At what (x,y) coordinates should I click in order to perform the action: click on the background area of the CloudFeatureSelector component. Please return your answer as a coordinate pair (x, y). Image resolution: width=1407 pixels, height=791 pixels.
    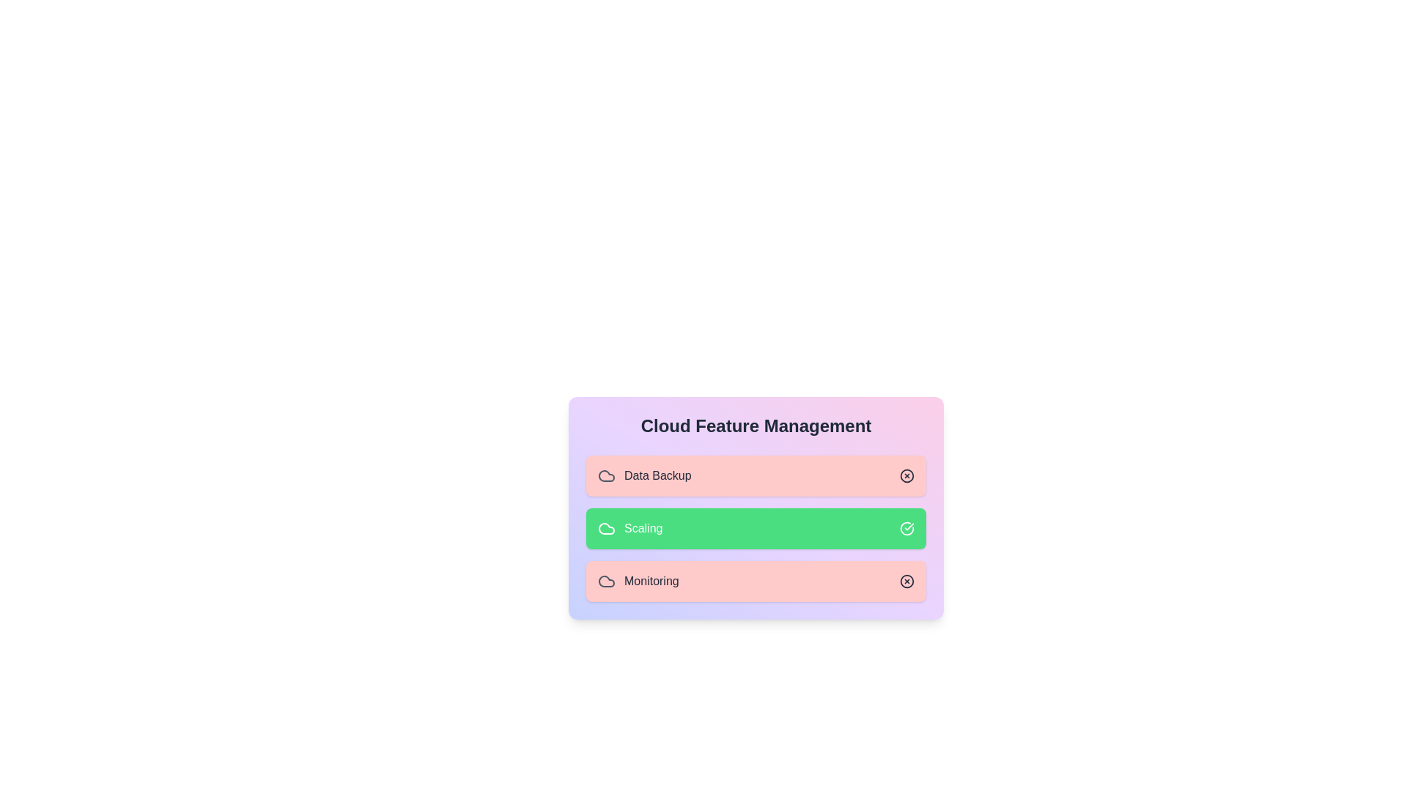
    Looking at the image, I should click on (756, 559).